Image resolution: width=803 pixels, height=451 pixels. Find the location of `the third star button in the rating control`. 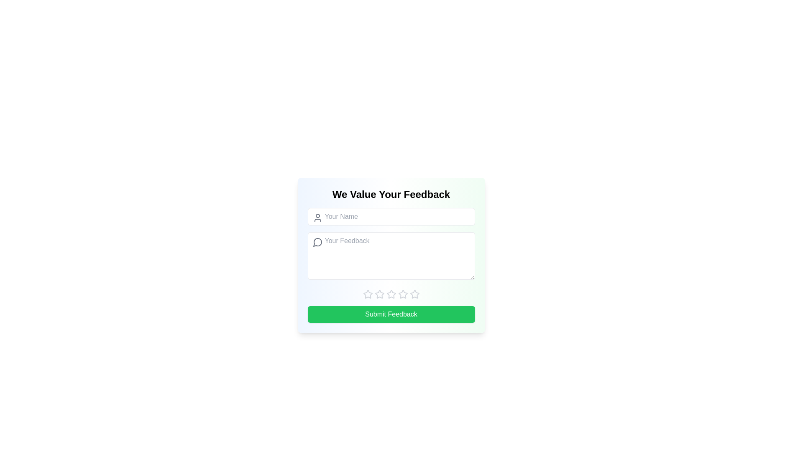

the third star button in the rating control is located at coordinates (379, 294).